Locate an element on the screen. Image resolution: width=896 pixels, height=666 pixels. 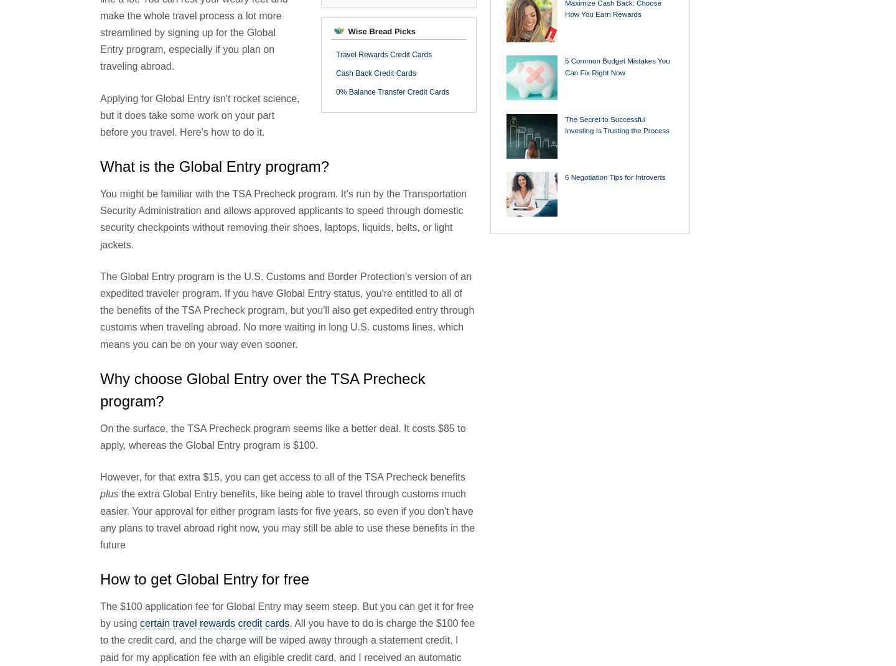
'The $100 application fee for Global Entry may seem steep. But you can get it for free by using' is located at coordinates (286, 615).